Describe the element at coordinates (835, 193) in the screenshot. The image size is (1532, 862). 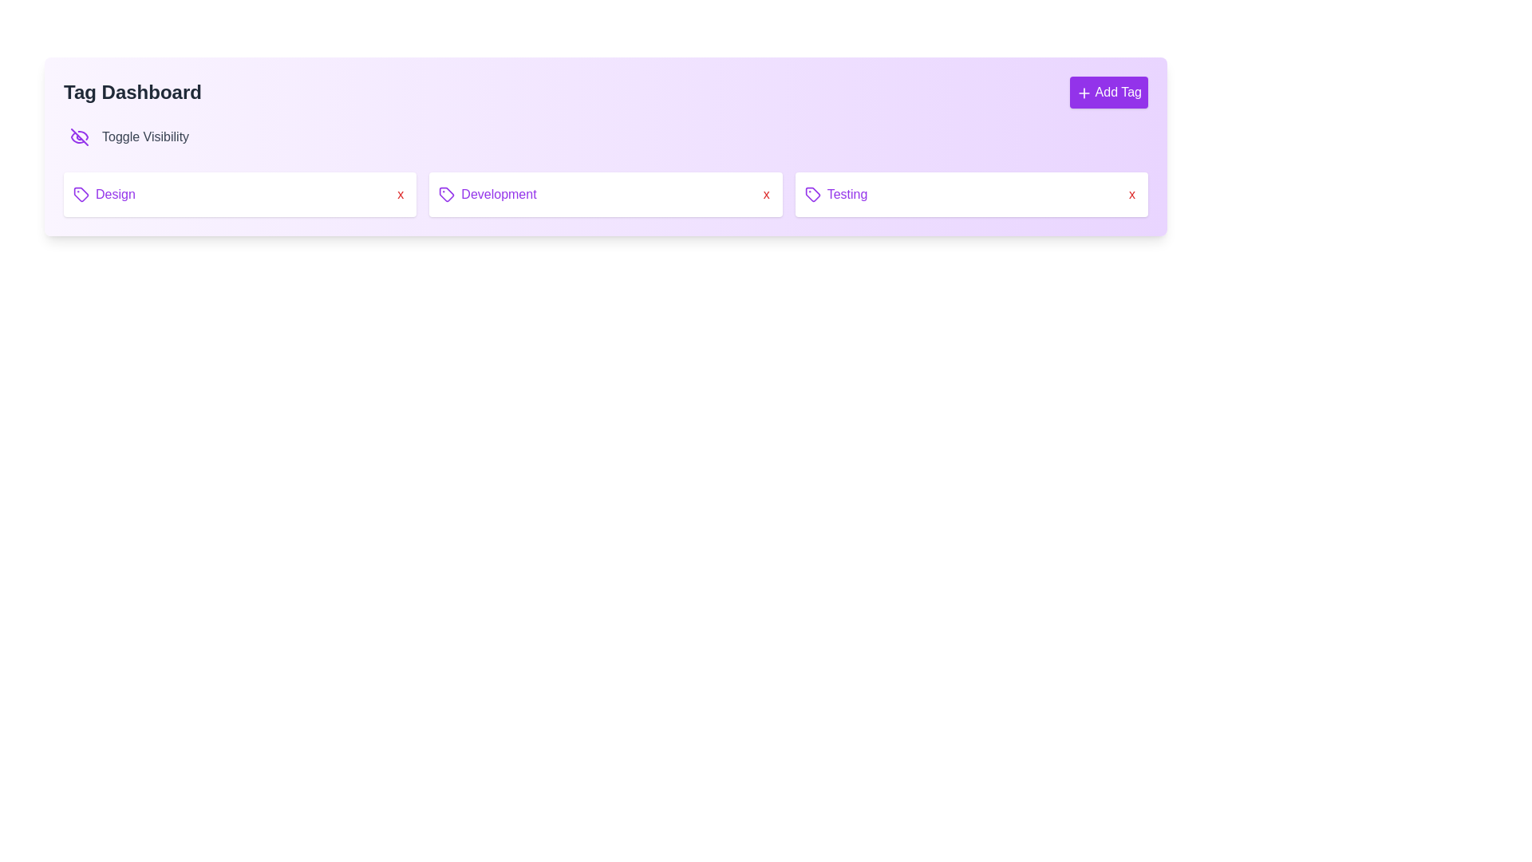
I see `text label displaying 'Testing' which is styled in purple and is the third tag item from the left in the row` at that location.